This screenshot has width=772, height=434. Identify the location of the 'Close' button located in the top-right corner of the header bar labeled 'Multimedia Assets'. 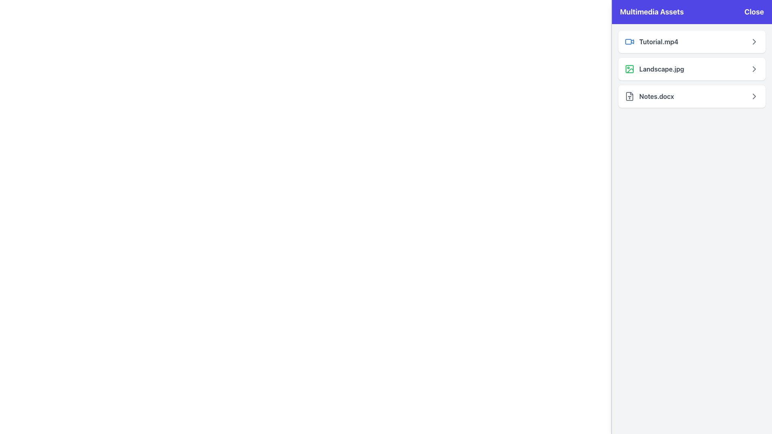
(754, 12).